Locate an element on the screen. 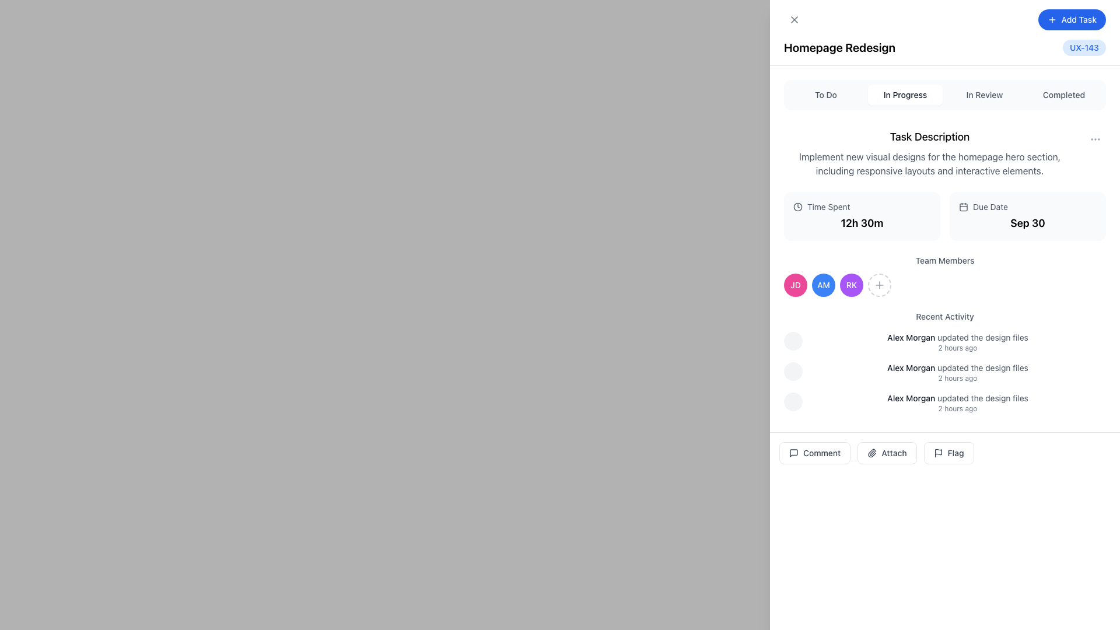 The image size is (1120, 630). the 'Comment' button is located at coordinates (814, 452).